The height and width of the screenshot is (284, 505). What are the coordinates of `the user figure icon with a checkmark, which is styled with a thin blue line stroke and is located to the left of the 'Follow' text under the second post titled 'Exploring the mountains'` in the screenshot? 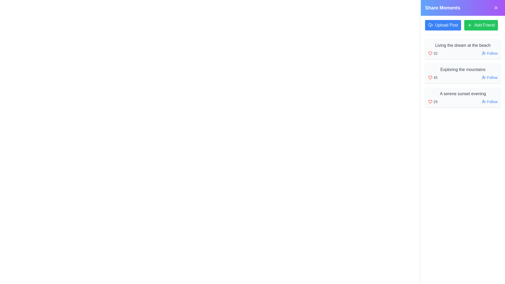 It's located at (484, 77).